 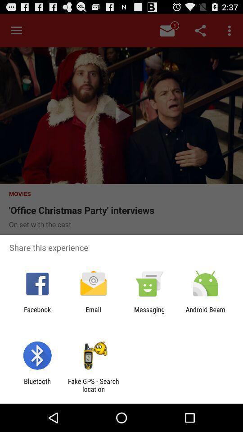 What do you see at coordinates (93, 313) in the screenshot?
I see `item to the right of the facebook app` at bounding box center [93, 313].